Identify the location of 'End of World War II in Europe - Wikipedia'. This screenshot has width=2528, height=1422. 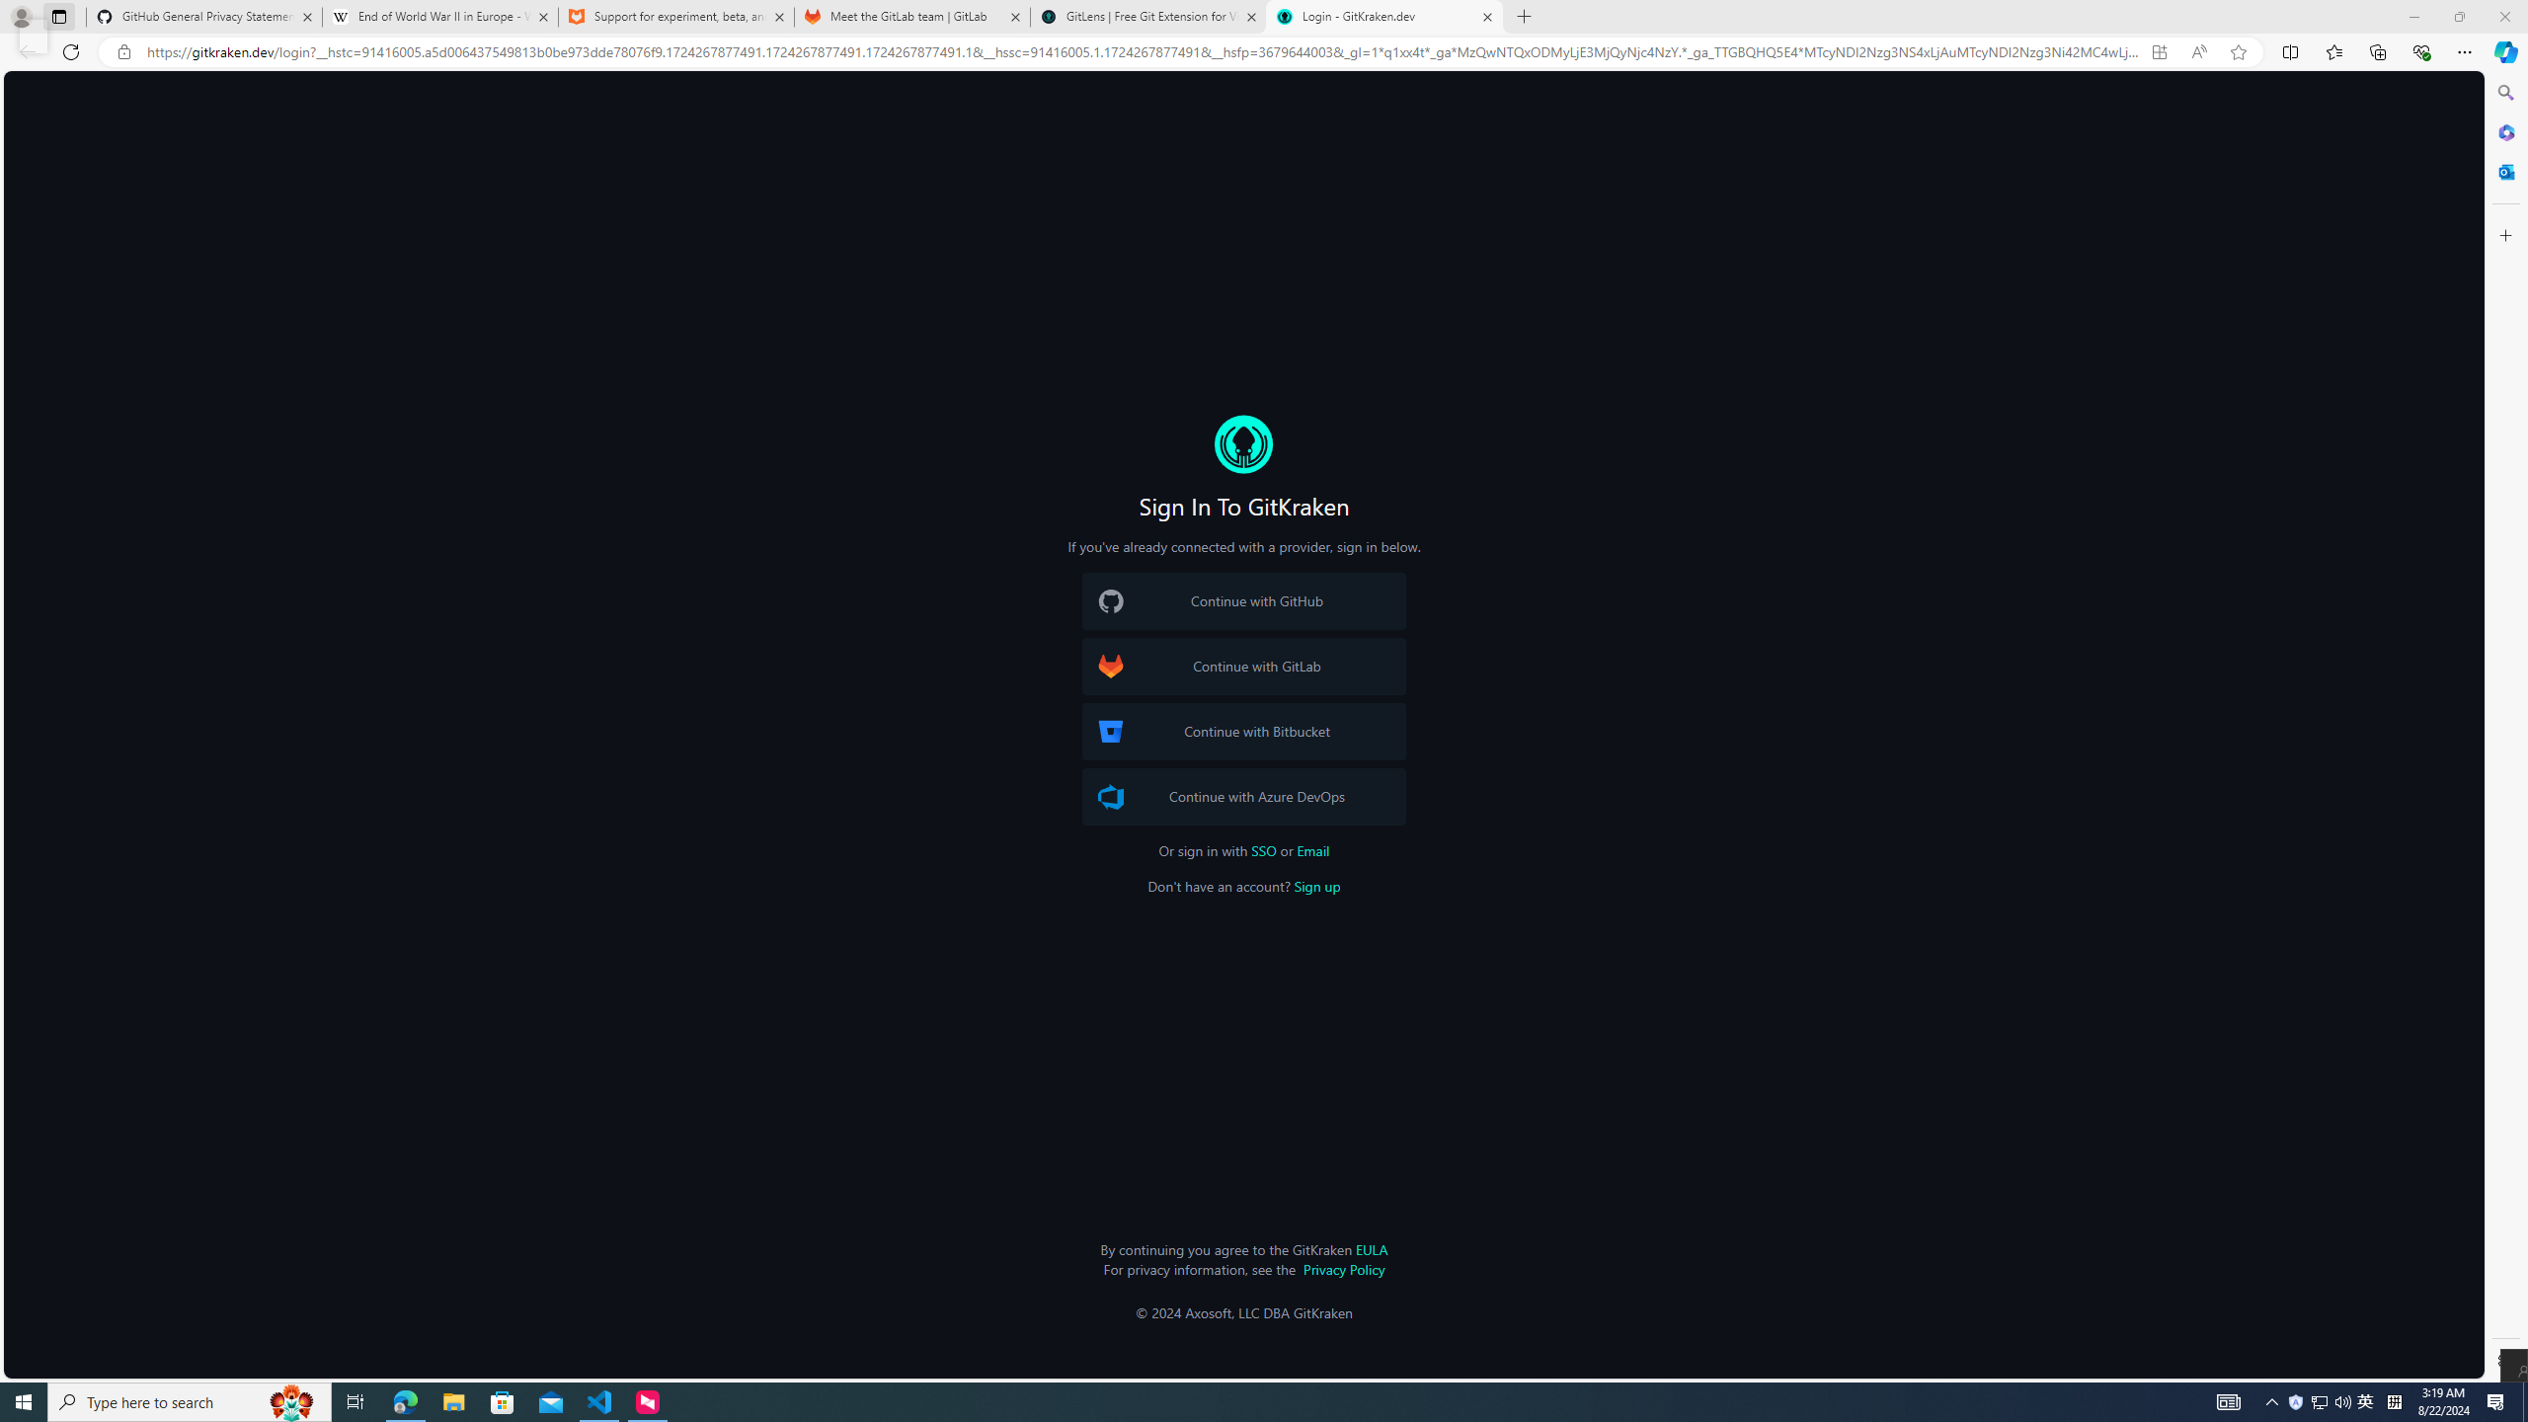
(438, 16).